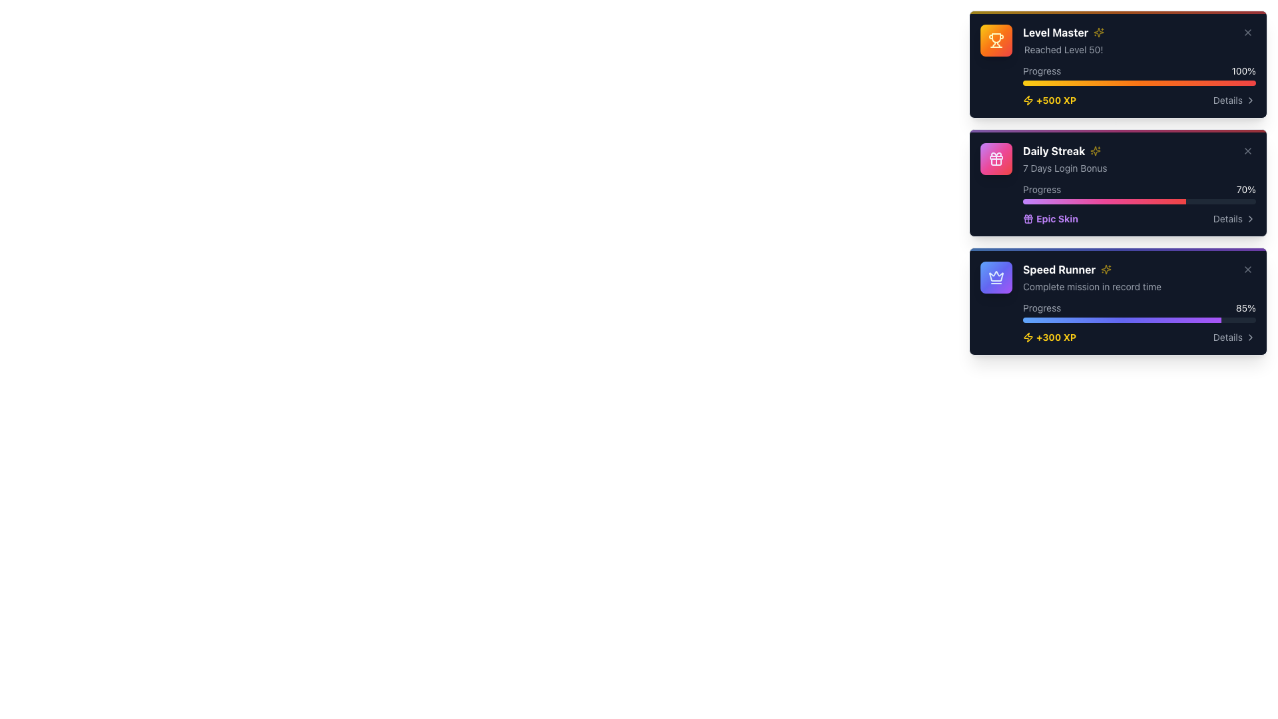 This screenshot has width=1278, height=719. What do you see at coordinates (1056, 99) in the screenshot?
I see `the reward value displayed` at bounding box center [1056, 99].